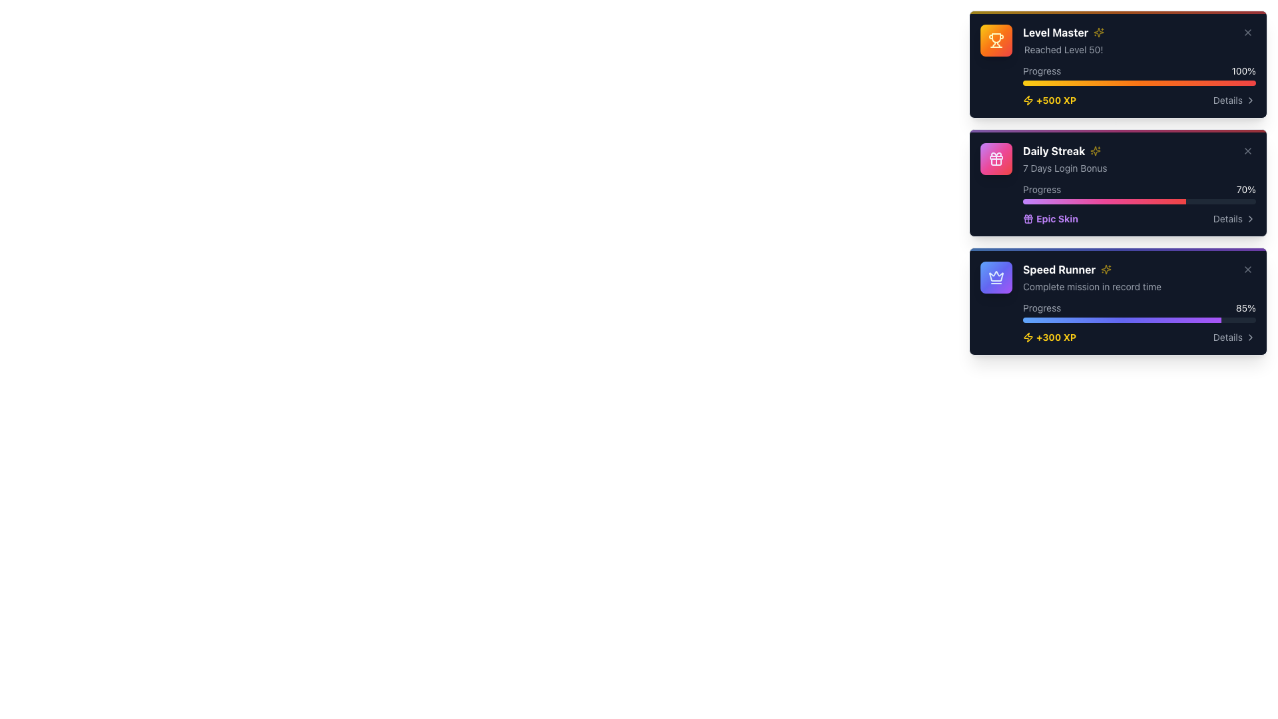 This screenshot has width=1278, height=719. What do you see at coordinates (1056, 99) in the screenshot?
I see `the reward value displayed` at bounding box center [1056, 99].